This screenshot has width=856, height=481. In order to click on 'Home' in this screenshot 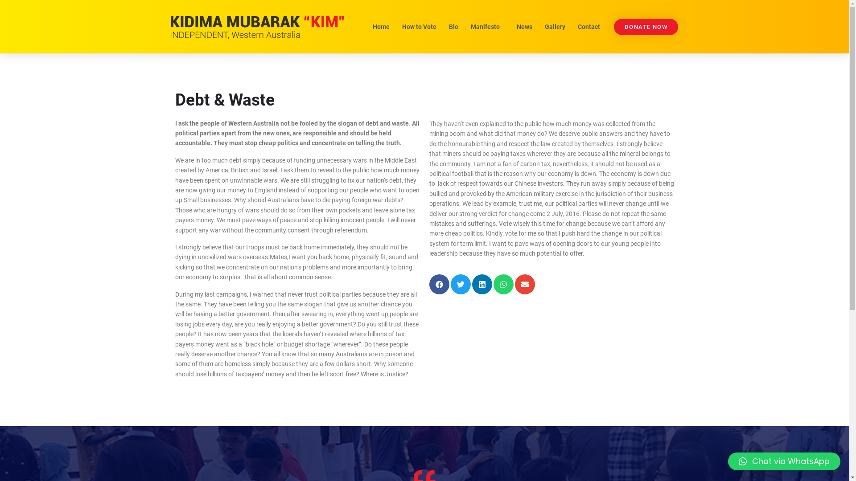, I will do `click(381, 26)`.